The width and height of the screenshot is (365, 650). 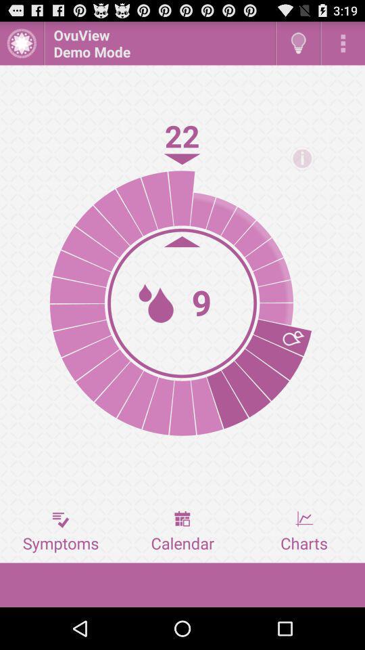 I want to click on symptoms item, so click(x=60, y=532).